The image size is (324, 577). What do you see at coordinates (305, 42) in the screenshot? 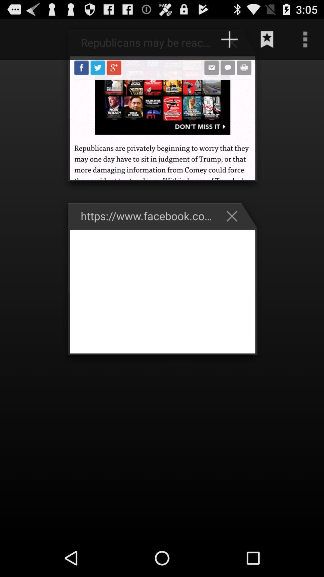
I see `the more icon` at bounding box center [305, 42].